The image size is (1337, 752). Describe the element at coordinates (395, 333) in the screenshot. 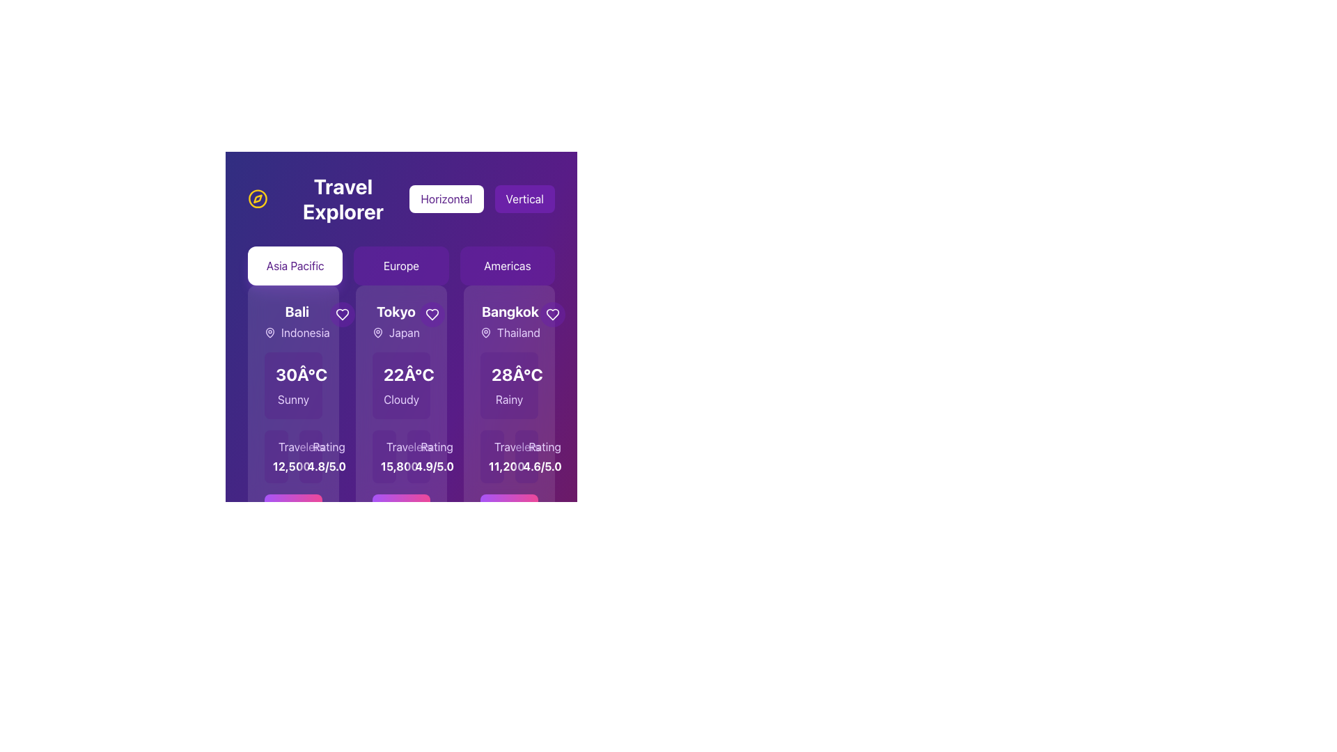

I see `the label with the text 'Japan' styled in light purple, which is accompanied by a location pin icon, located under the heading 'Tokyo' in the second card of the location cards` at that location.